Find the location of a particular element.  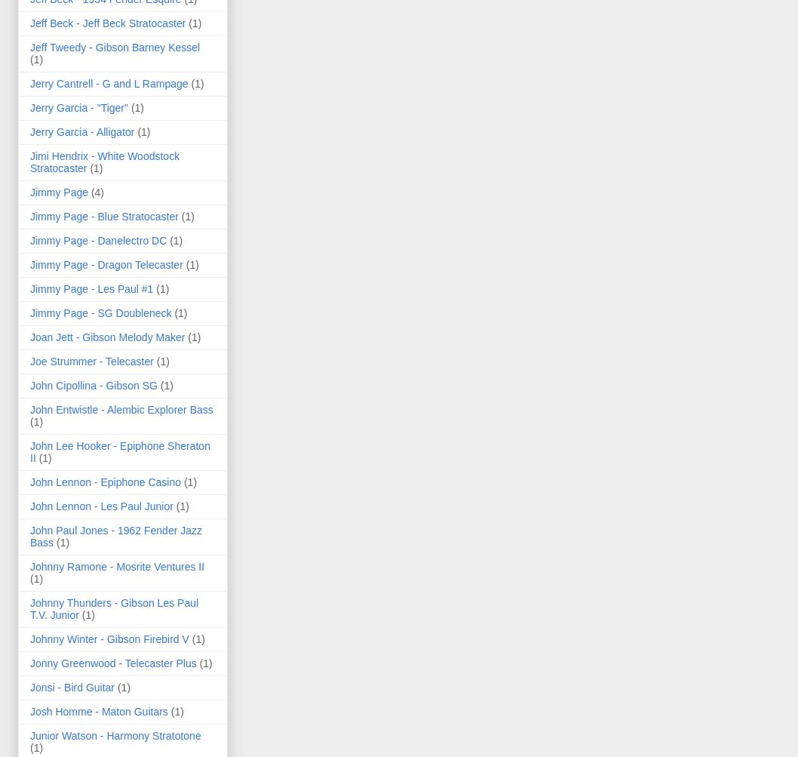

'Jimi Hendrix - White Woodstock Stratocaster' is located at coordinates (104, 162).